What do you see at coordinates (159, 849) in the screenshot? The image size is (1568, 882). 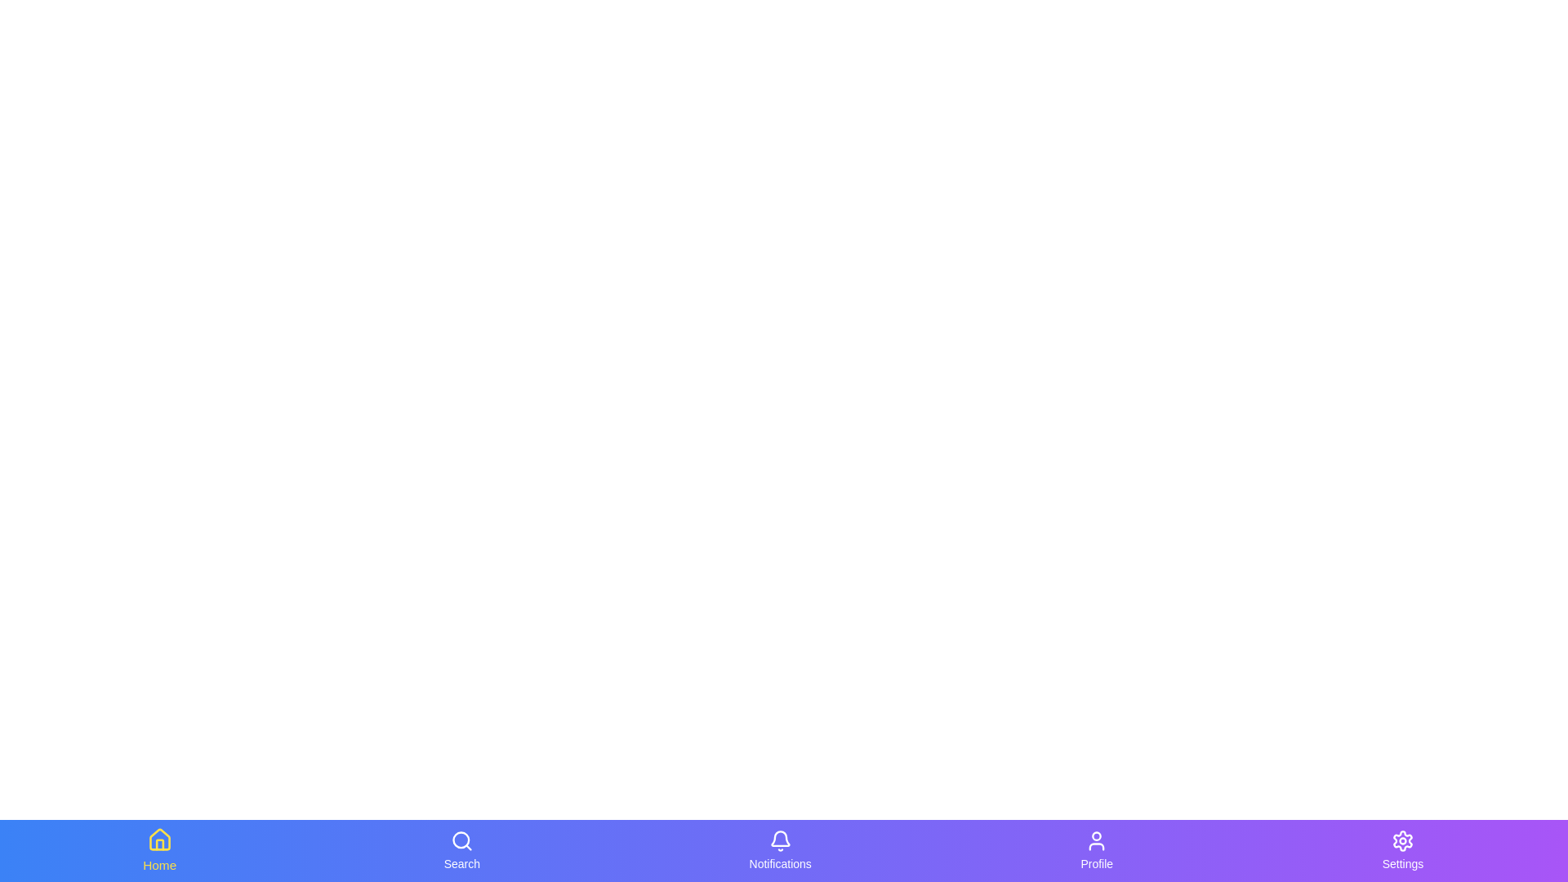 I see `the Home navigation tab` at bounding box center [159, 849].